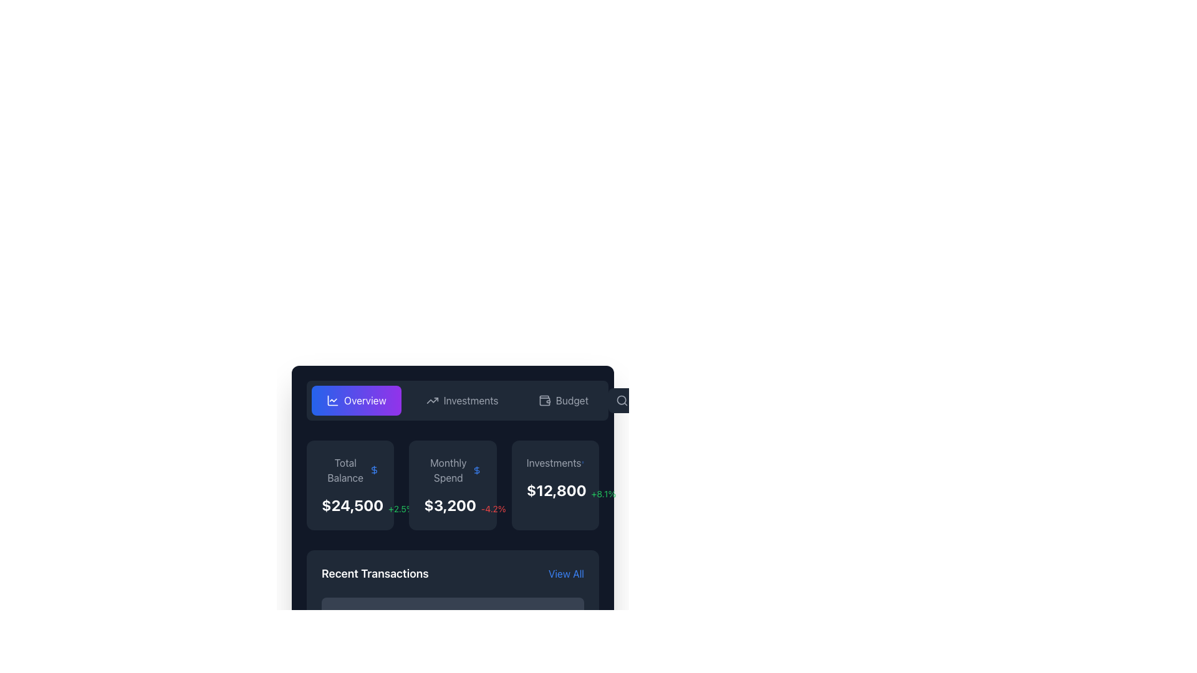 This screenshot has width=1197, height=673. What do you see at coordinates (562, 401) in the screenshot?
I see `the navigation button located in the horizontal menu bar` at bounding box center [562, 401].